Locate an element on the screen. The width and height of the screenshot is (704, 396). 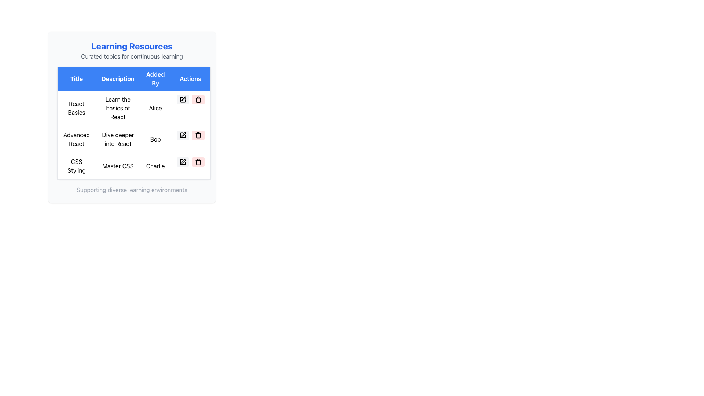
the icon button located in the 'Actions' column of the first row of the data table to initiate editing the corresponding data row is located at coordinates (183, 100).